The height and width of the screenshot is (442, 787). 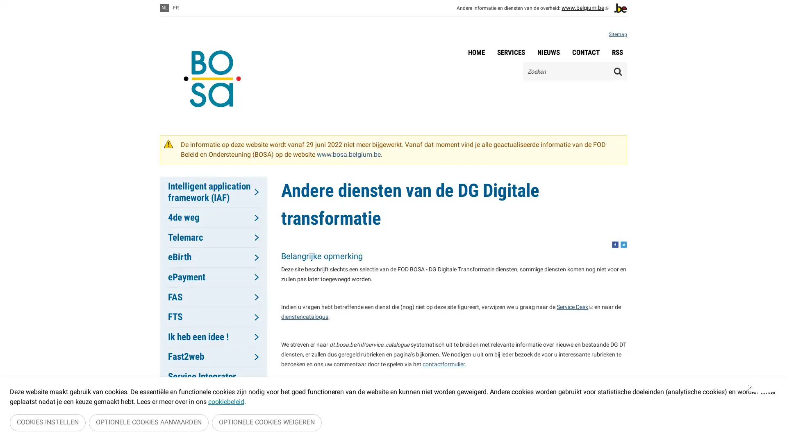 I want to click on COOKIES INSTELLEN, so click(x=47, y=423).